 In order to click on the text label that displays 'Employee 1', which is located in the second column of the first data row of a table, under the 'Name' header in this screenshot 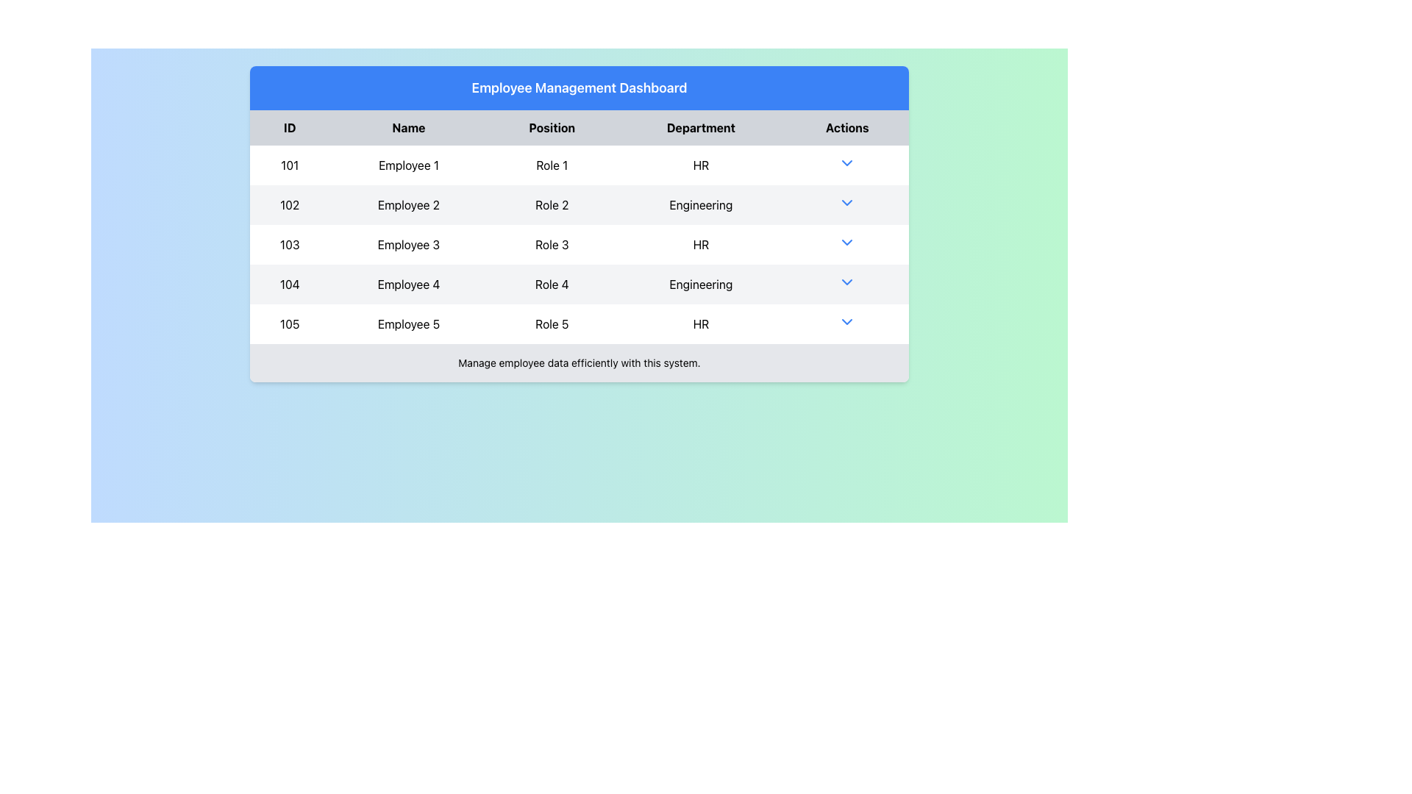, I will do `click(409, 165)`.